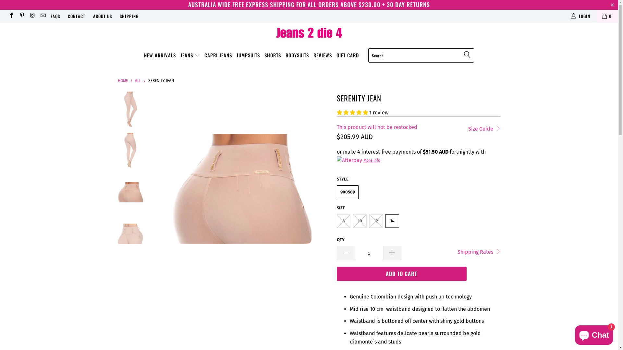 This screenshot has height=350, width=623. What do you see at coordinates (347, 55) in the screenshot?
I see `'GIFT CARD'` at bounding box center [347, 55].